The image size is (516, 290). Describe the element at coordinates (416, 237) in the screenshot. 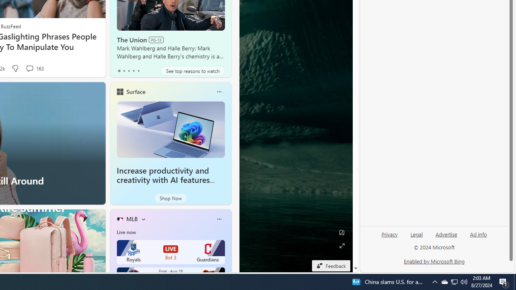

I see `'Legal'` at that location.